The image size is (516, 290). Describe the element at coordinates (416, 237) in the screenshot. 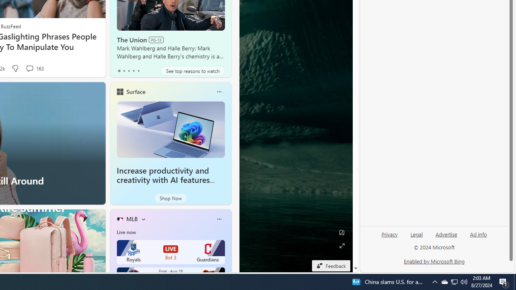

I see `'Legal'` at that location.